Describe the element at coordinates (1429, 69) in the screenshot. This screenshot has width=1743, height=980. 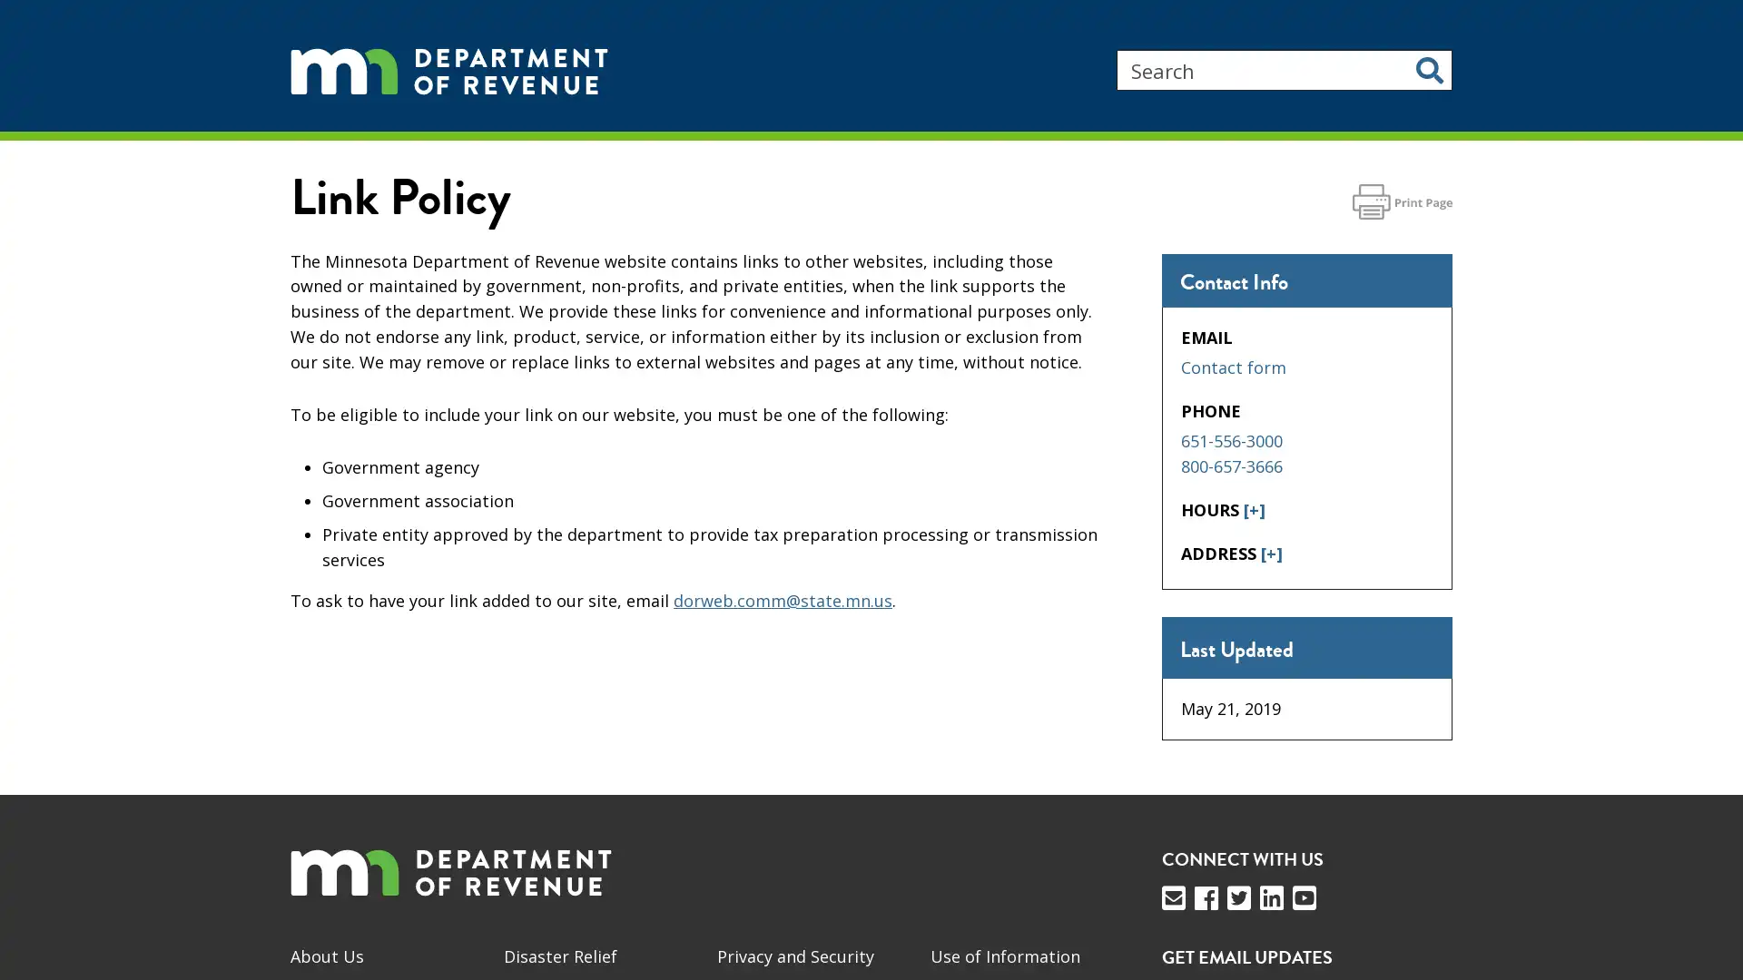
I see `Search` at that location.